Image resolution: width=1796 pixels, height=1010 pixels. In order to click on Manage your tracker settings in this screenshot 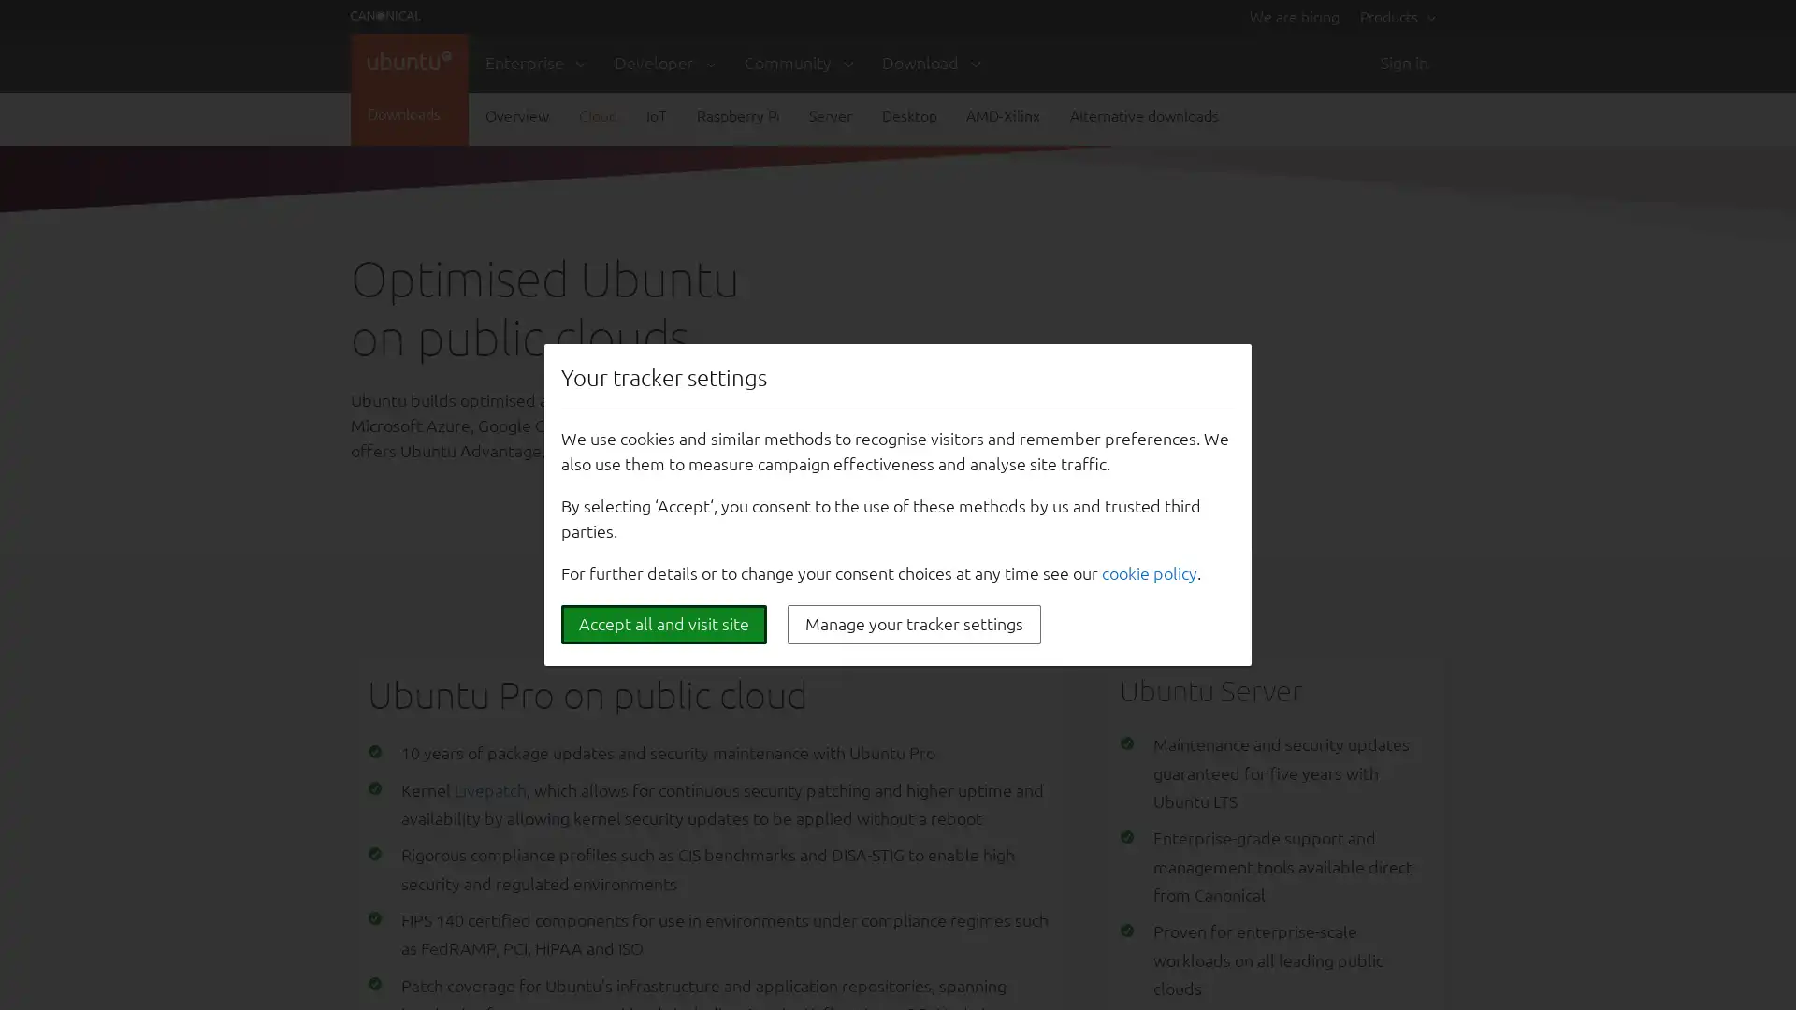, I will do `click(914, 624)`.